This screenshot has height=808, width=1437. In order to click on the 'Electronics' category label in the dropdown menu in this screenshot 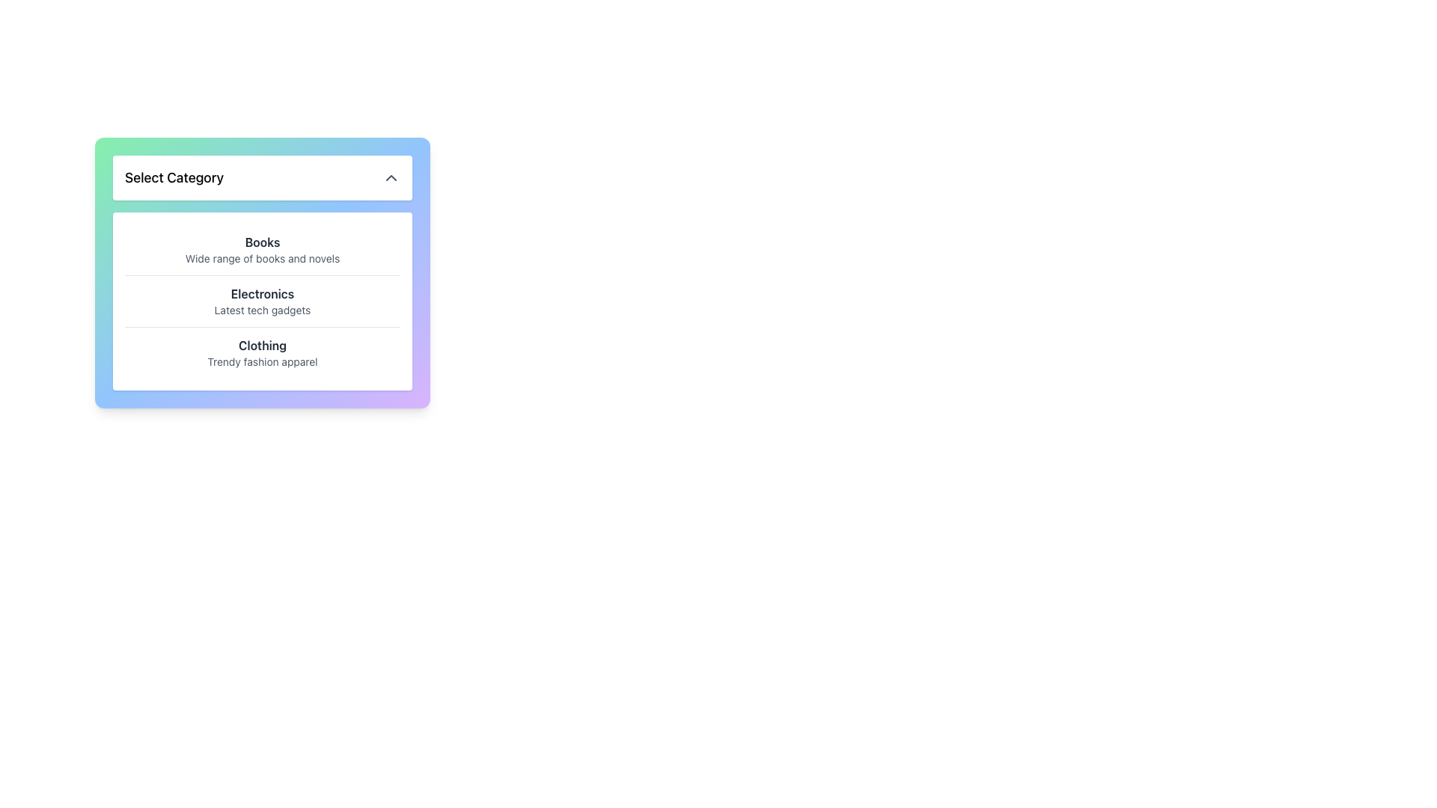, I will do `click(262, 301)`.